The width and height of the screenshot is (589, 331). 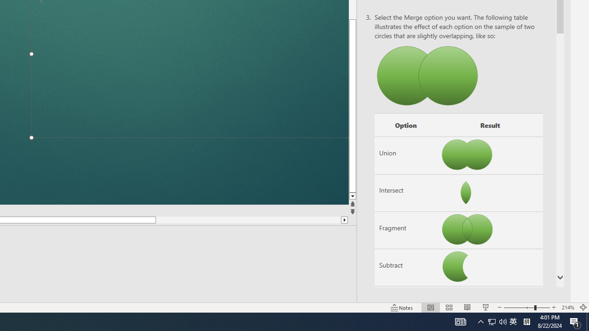 I want to click on 'Zoom Out', so click(x=519, y=308).